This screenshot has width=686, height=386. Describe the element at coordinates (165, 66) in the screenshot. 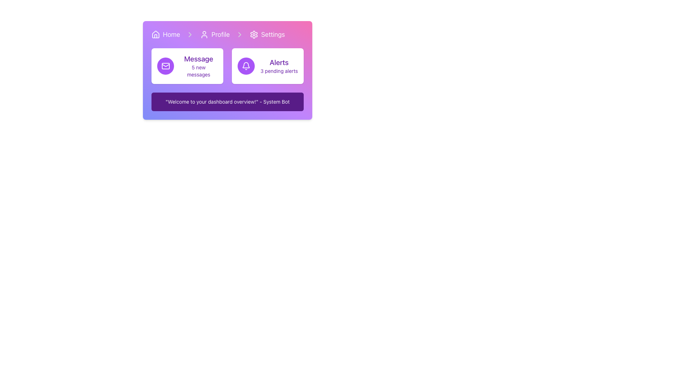

I see `the email icon located on the left-hand side of the dashboard panel, above the text 'Message 5 new messages'` at that location.